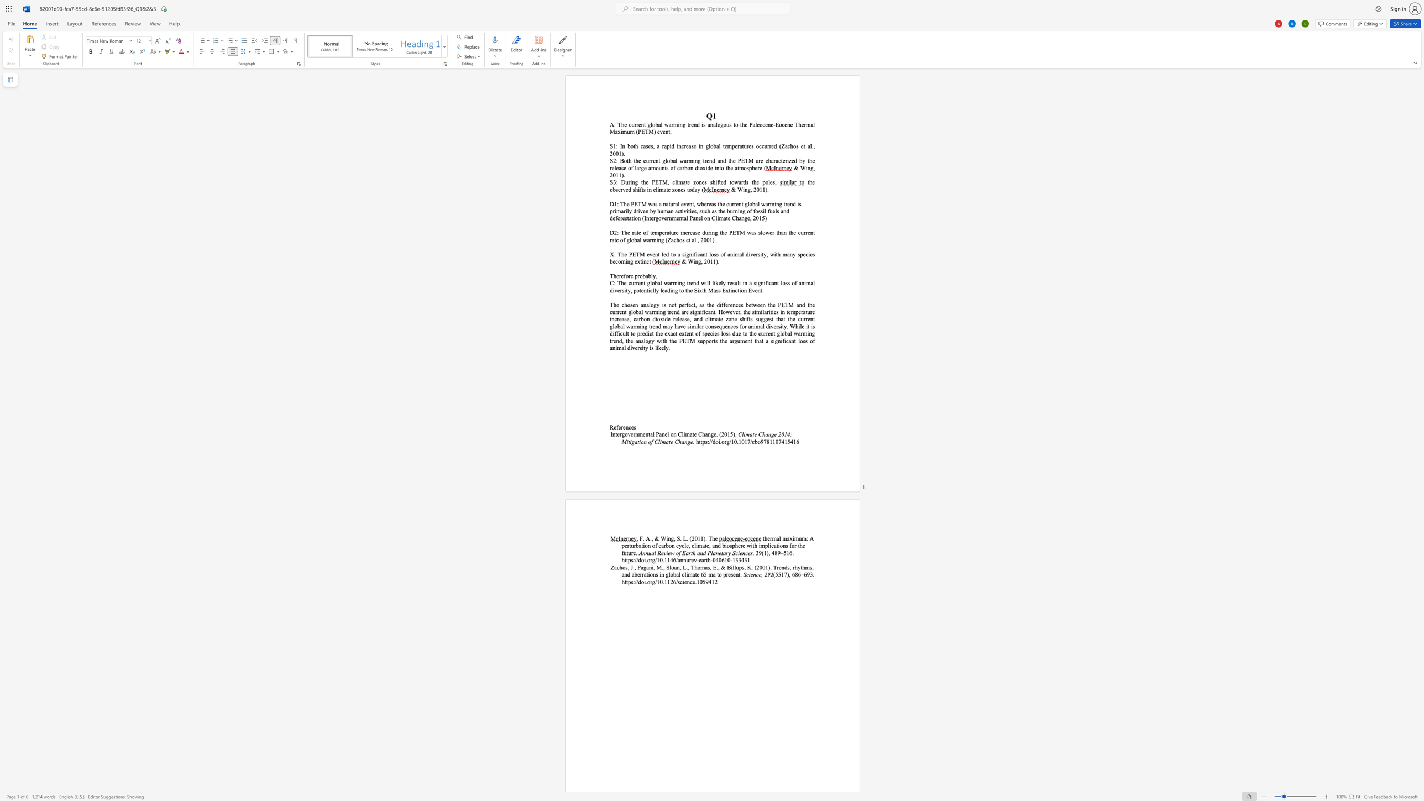 The height and width of the screenshot is (801, 1424). Describe the element at coordinates (723, 282) in the screenshot. I see `the space between the continuous character "l" and "y" in the text` at that location.